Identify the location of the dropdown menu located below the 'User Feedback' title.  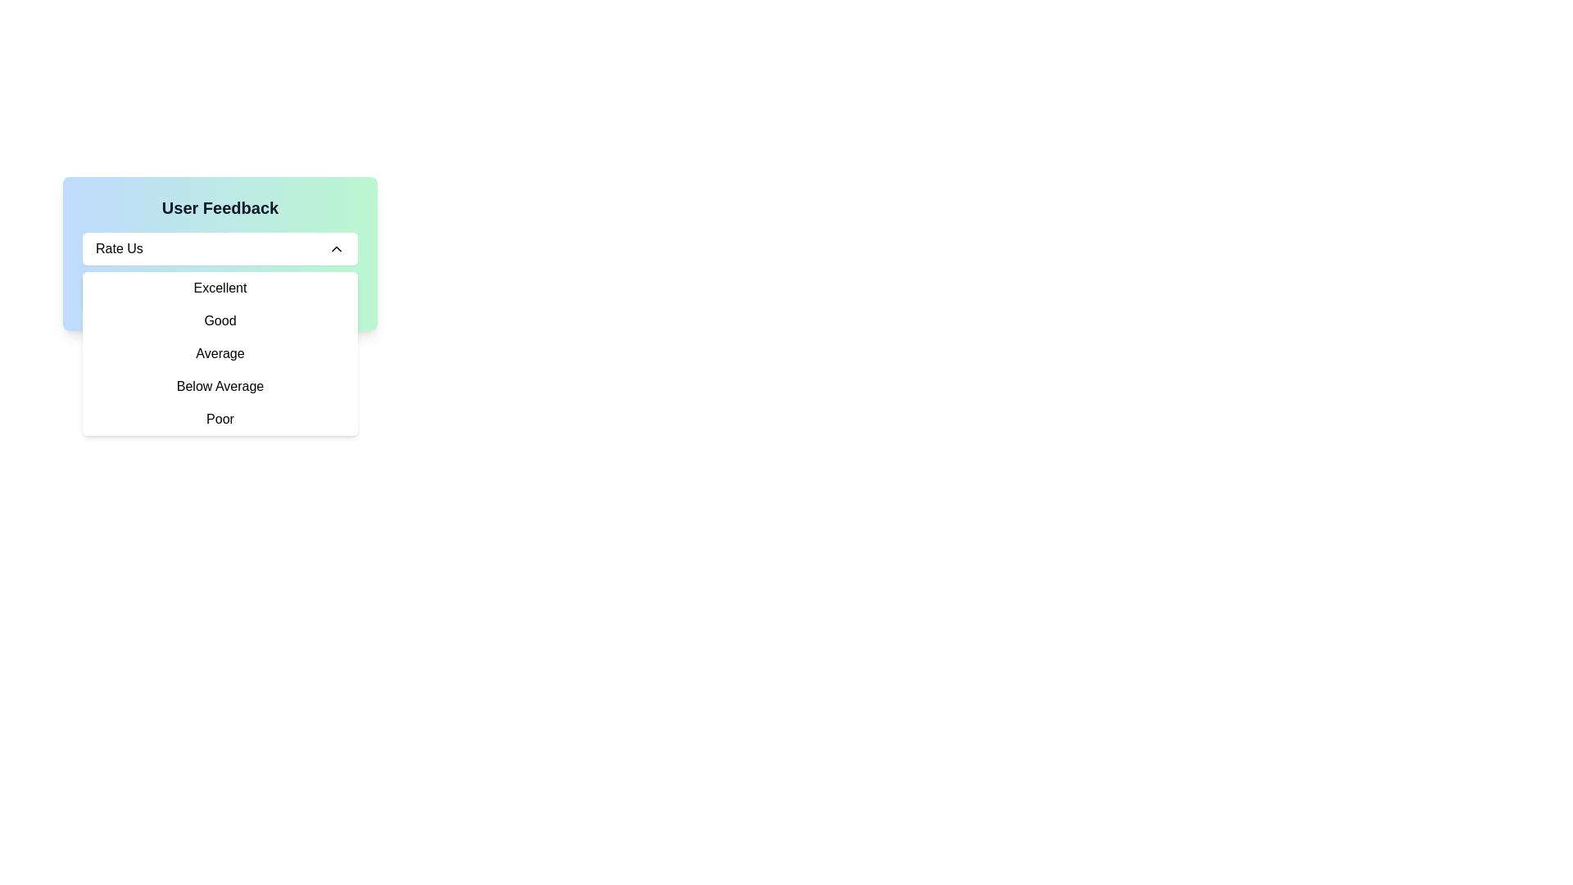
(219, 249).